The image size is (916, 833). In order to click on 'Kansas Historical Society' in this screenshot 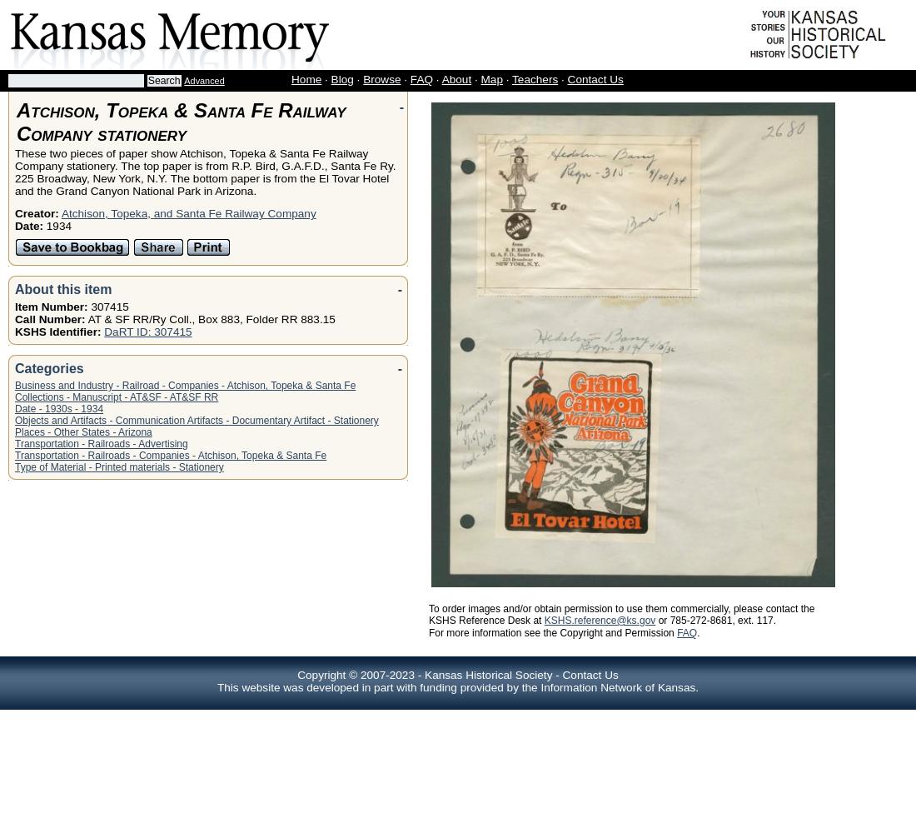, I will do `click(487, 675)`.